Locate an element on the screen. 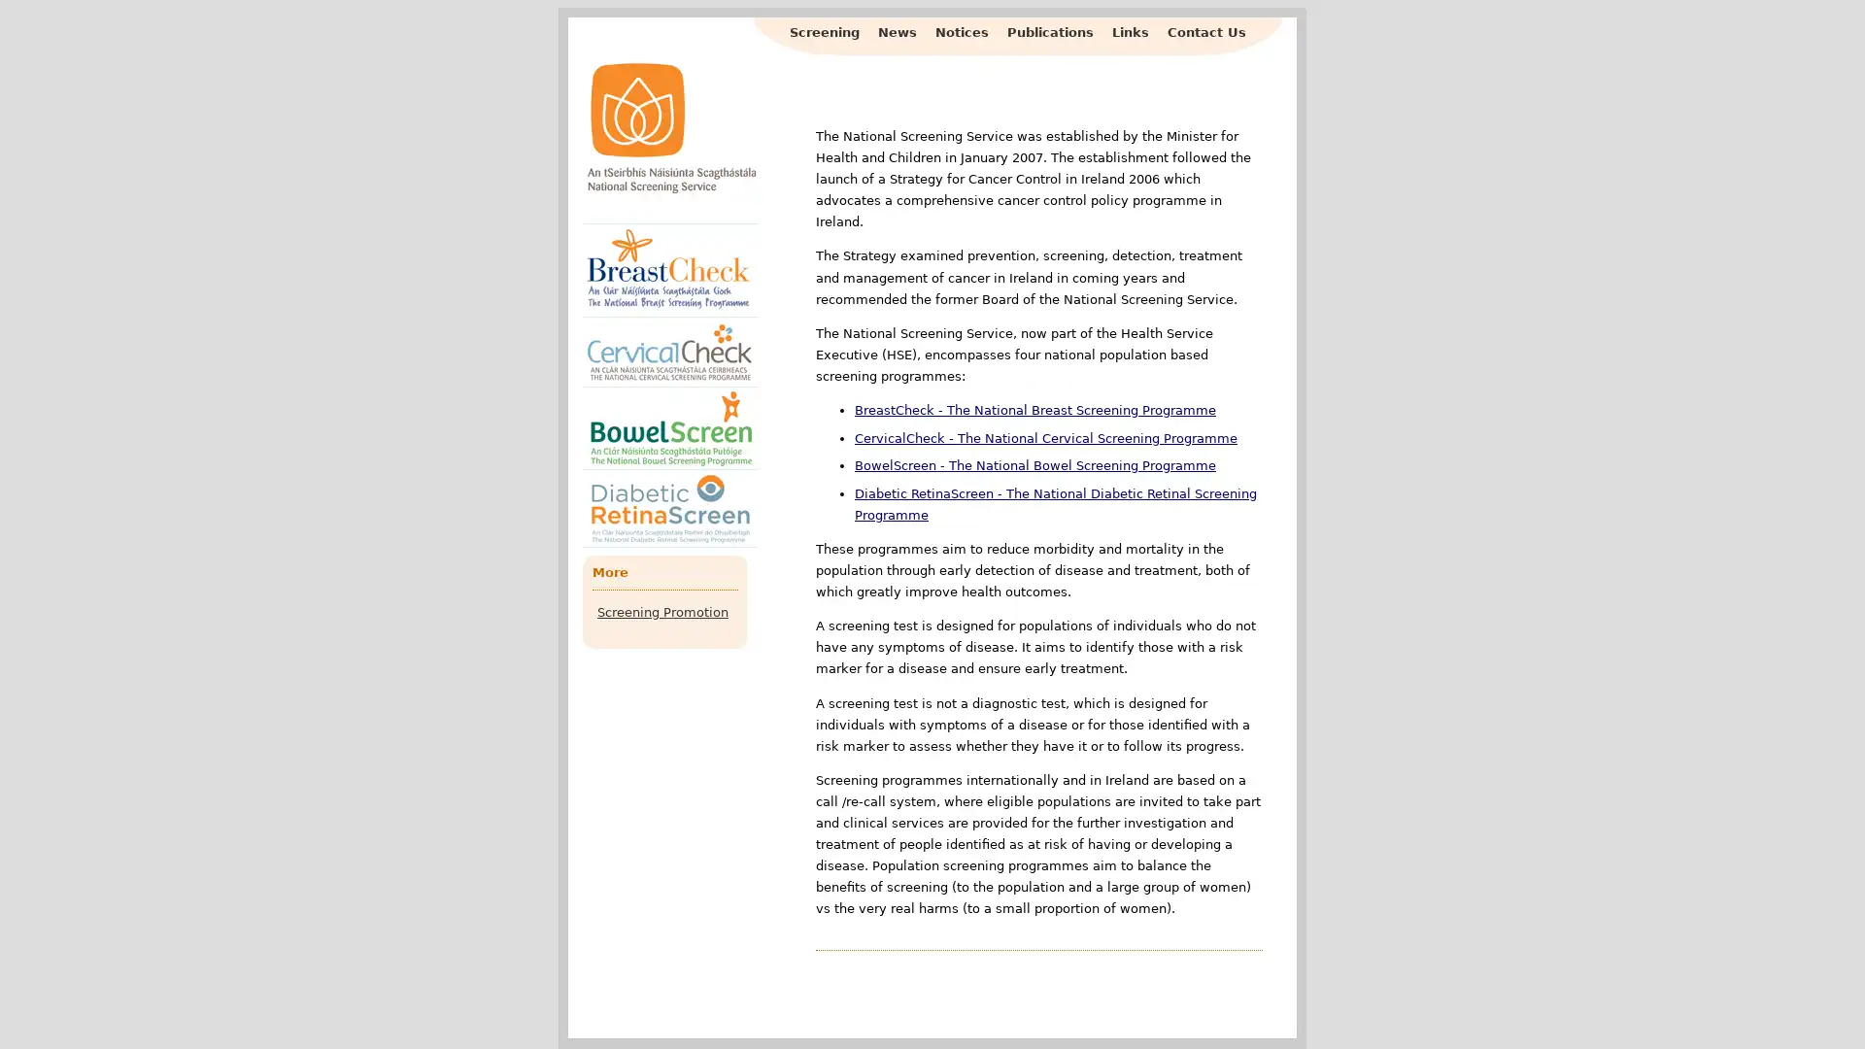  Necessary Cookies Only is located at coordinates (1415, 1006).